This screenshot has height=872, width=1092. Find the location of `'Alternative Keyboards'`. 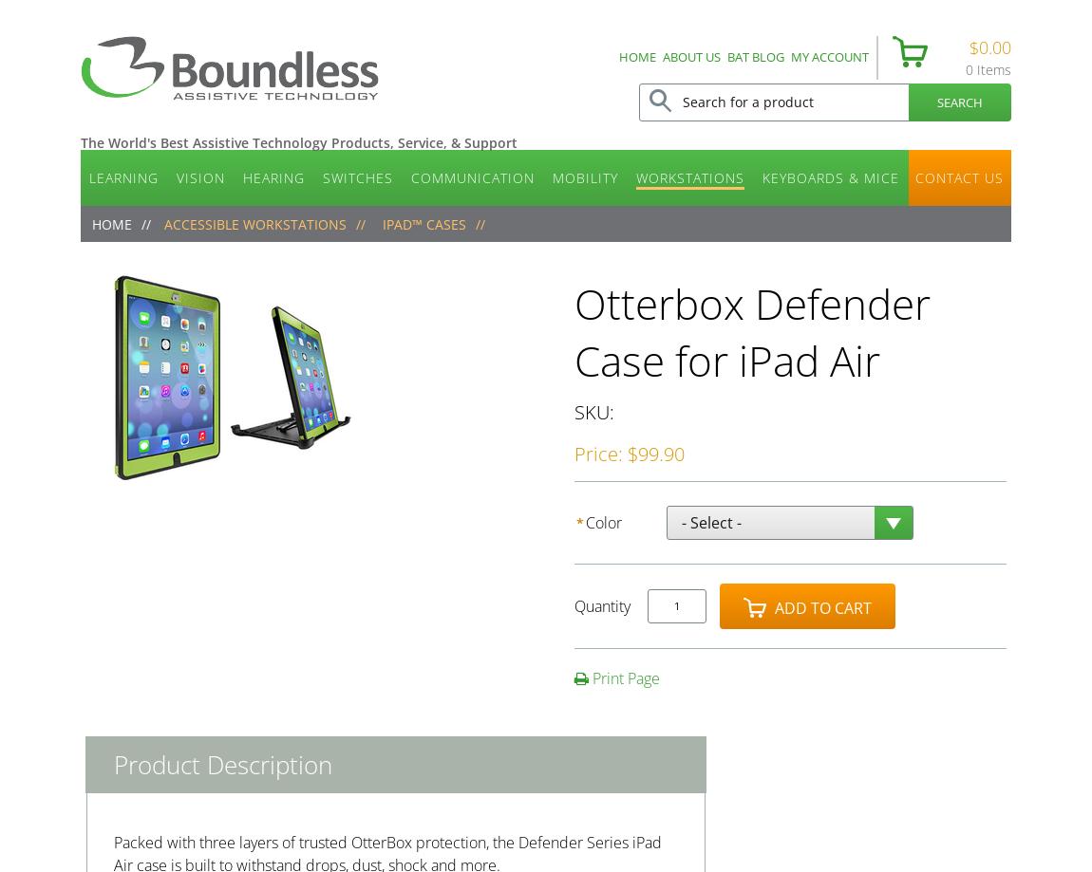

'Alternative Keyboards' is located at coordinates (642, 346).